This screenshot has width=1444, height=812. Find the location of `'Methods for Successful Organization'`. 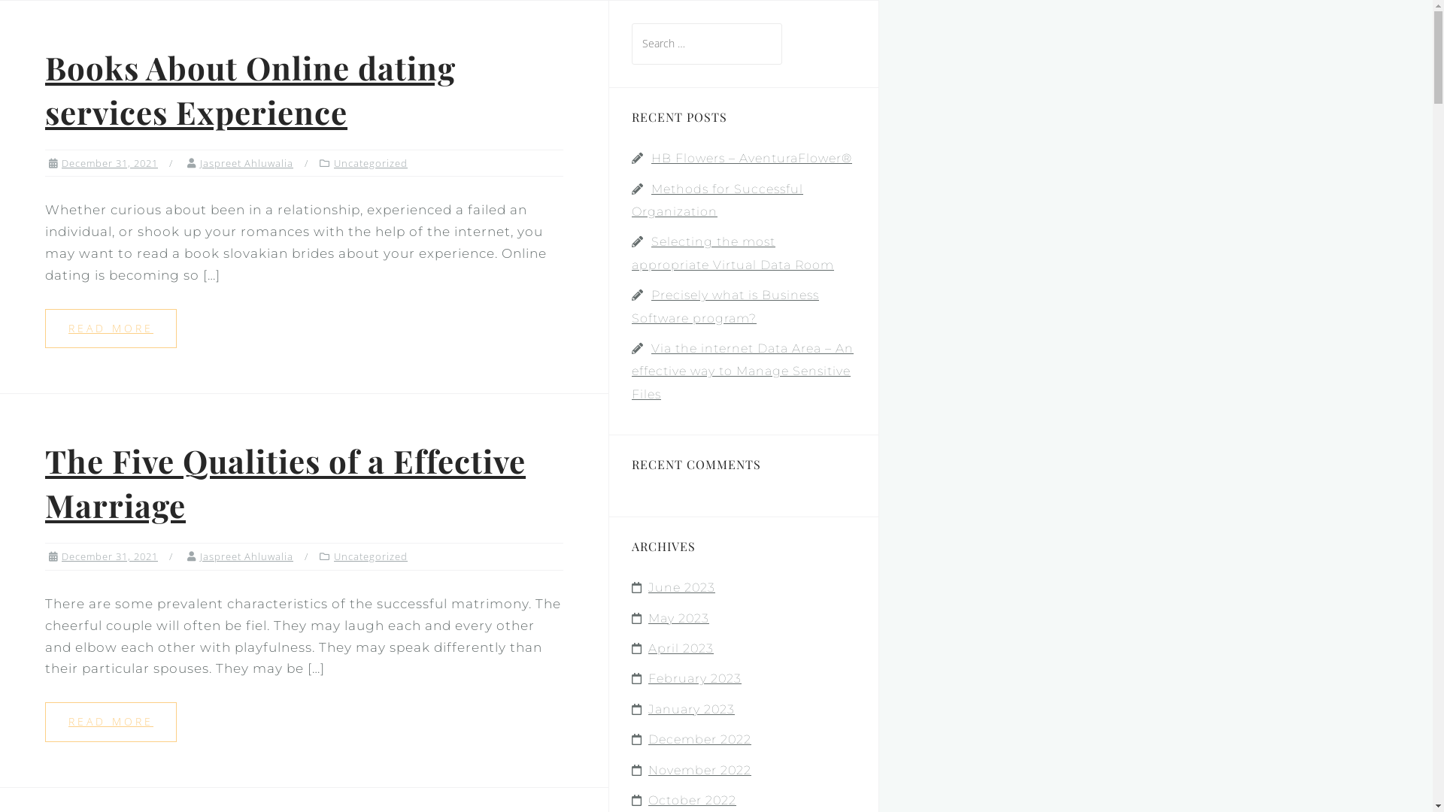

'Methods for Successful Organization' is located at coordinates (717, 199).